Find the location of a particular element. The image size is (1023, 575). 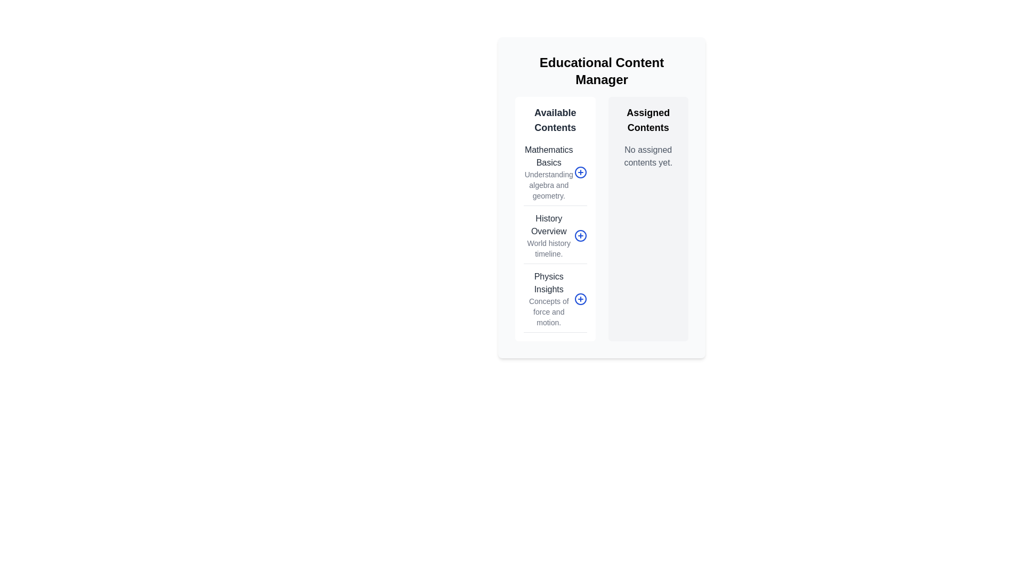

the blue circular icon button with a '+' symbol, located to the right of 'History Overview' and its subtext 'World history timeline.' in the 'Available Contents' section is located at coordinates (580, 235).